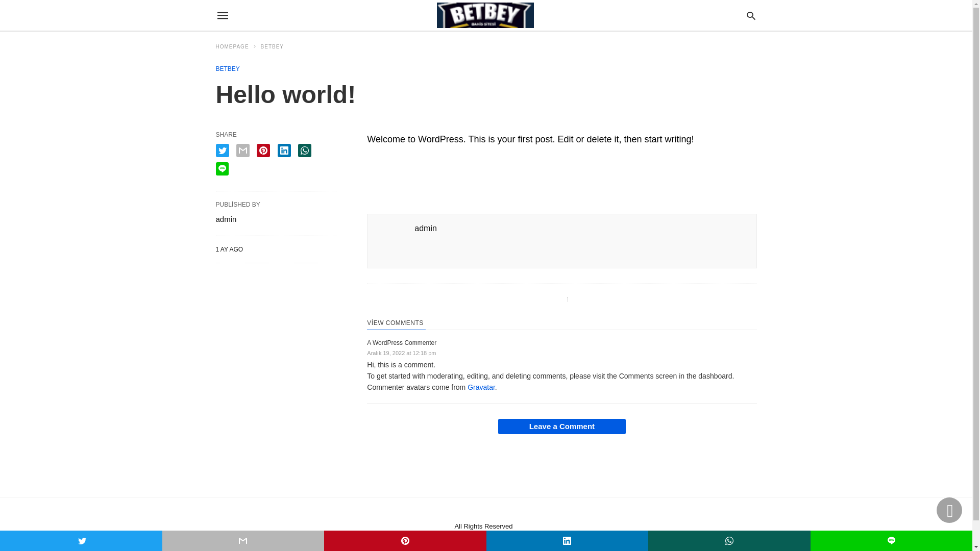 This screenshot has width=980, height=551. What do you see at coordinates (936, 510) in the screenshot?
I see `'back to top'` at bounding box center [936, 510].